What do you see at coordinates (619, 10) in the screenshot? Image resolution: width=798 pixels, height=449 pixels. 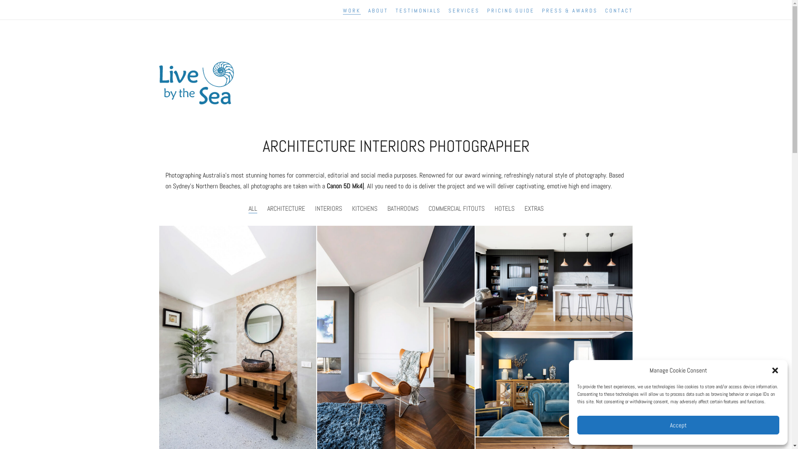 I see `'CONTACT'` at bounding box center [619, 10].